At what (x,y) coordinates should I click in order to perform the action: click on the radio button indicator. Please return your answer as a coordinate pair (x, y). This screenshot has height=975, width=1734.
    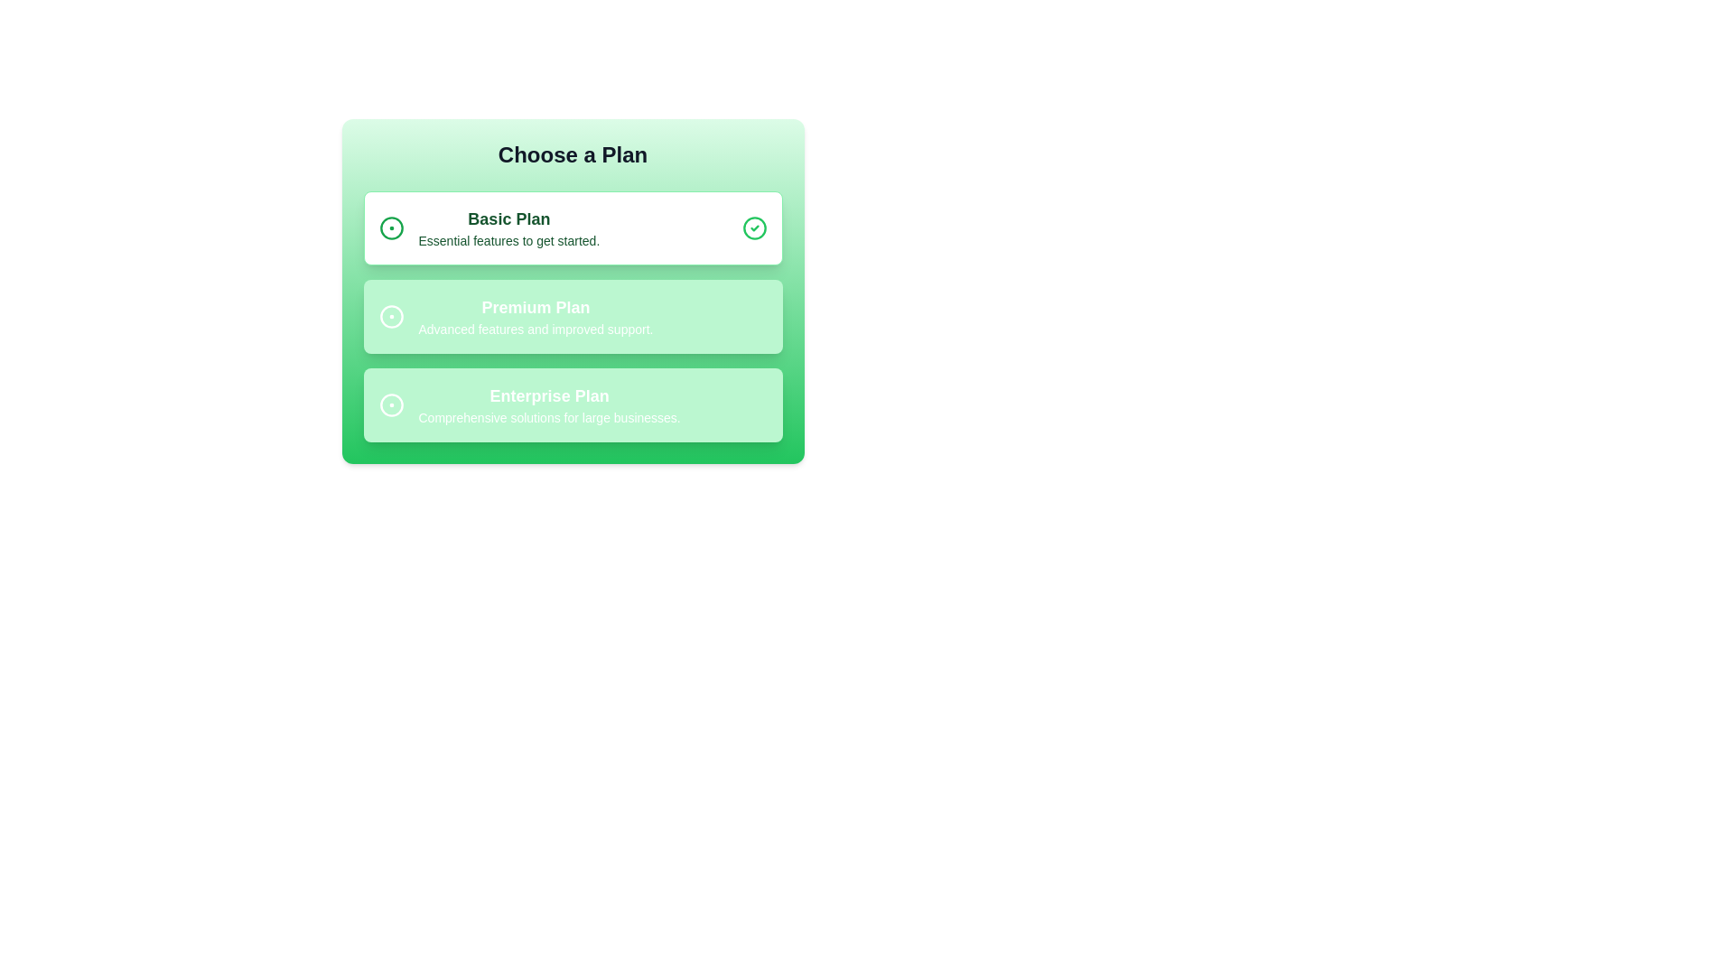
    Looking at the image, I should click on (390, 316).